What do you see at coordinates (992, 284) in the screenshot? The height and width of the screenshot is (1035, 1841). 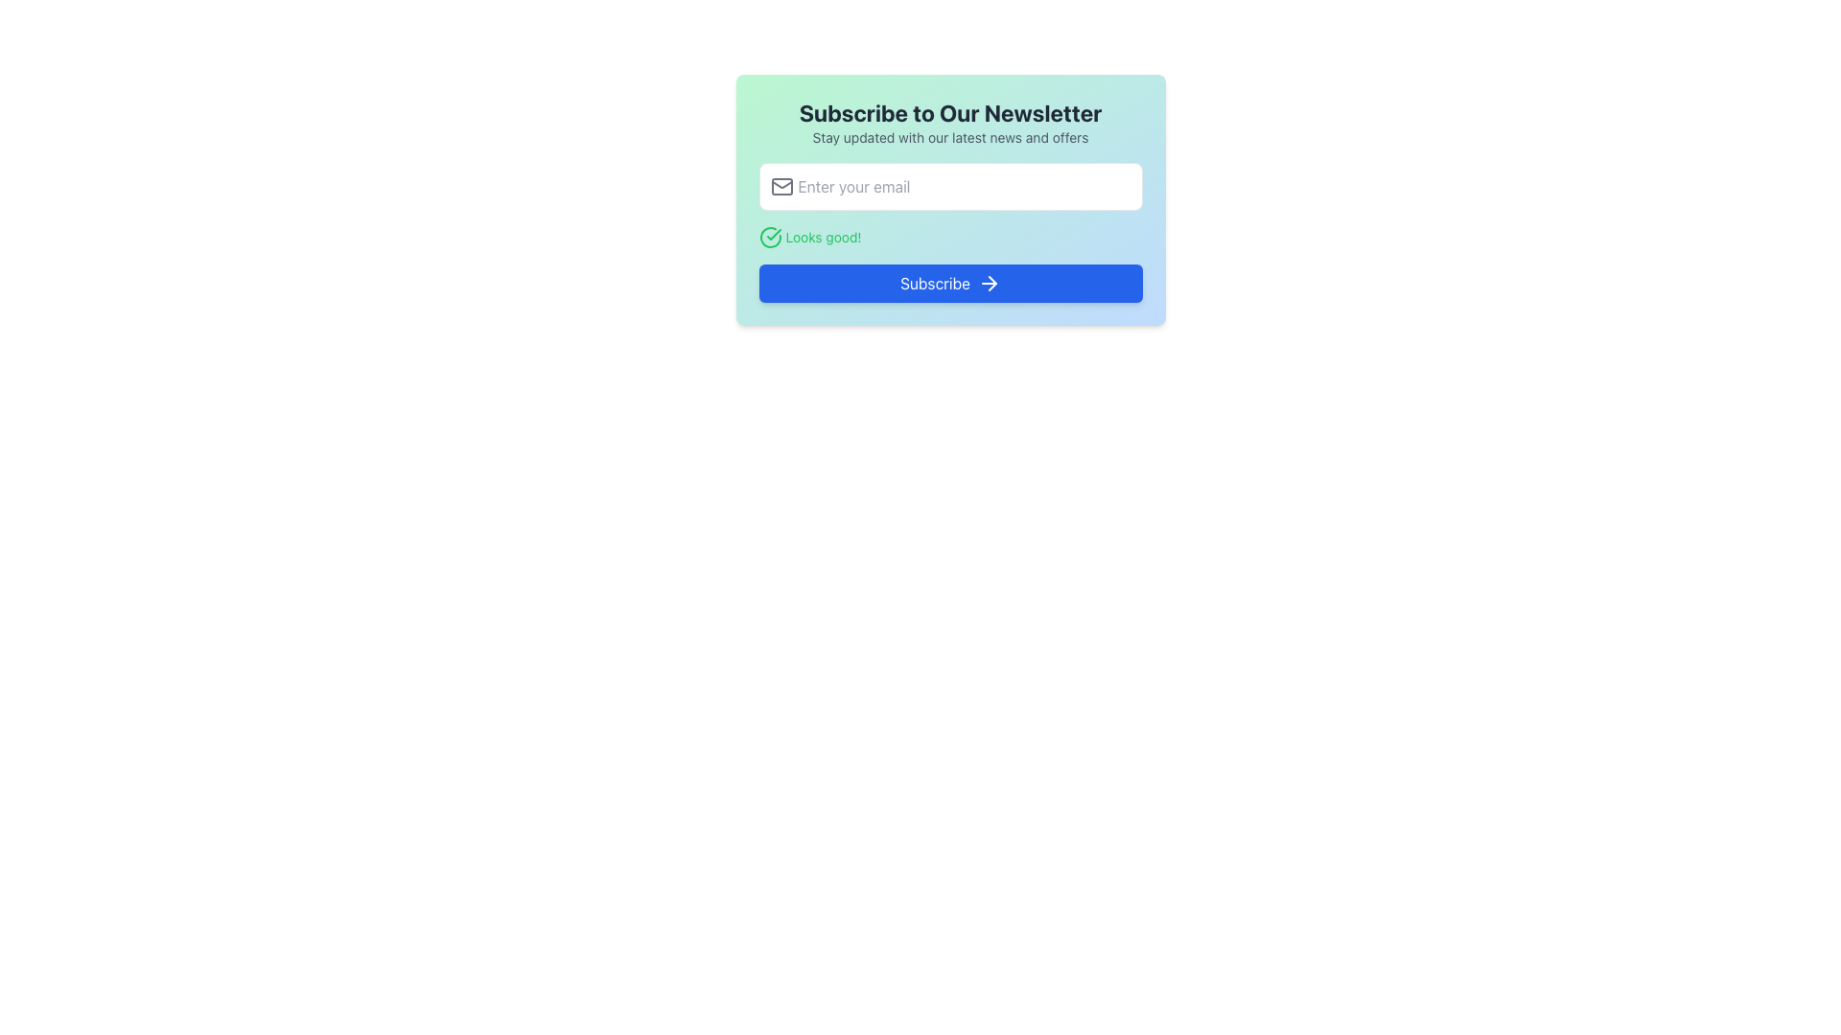 I see `the blue 'Subscribe' button that contains the chevron SVG element indicating forward navigation` at bounding box center [992, 284].